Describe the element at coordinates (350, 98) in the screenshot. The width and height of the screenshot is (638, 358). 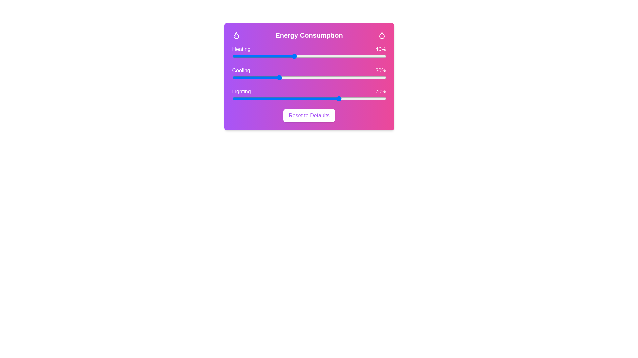
I see `the 'Lighting' slider to set its value to 77` at that location.